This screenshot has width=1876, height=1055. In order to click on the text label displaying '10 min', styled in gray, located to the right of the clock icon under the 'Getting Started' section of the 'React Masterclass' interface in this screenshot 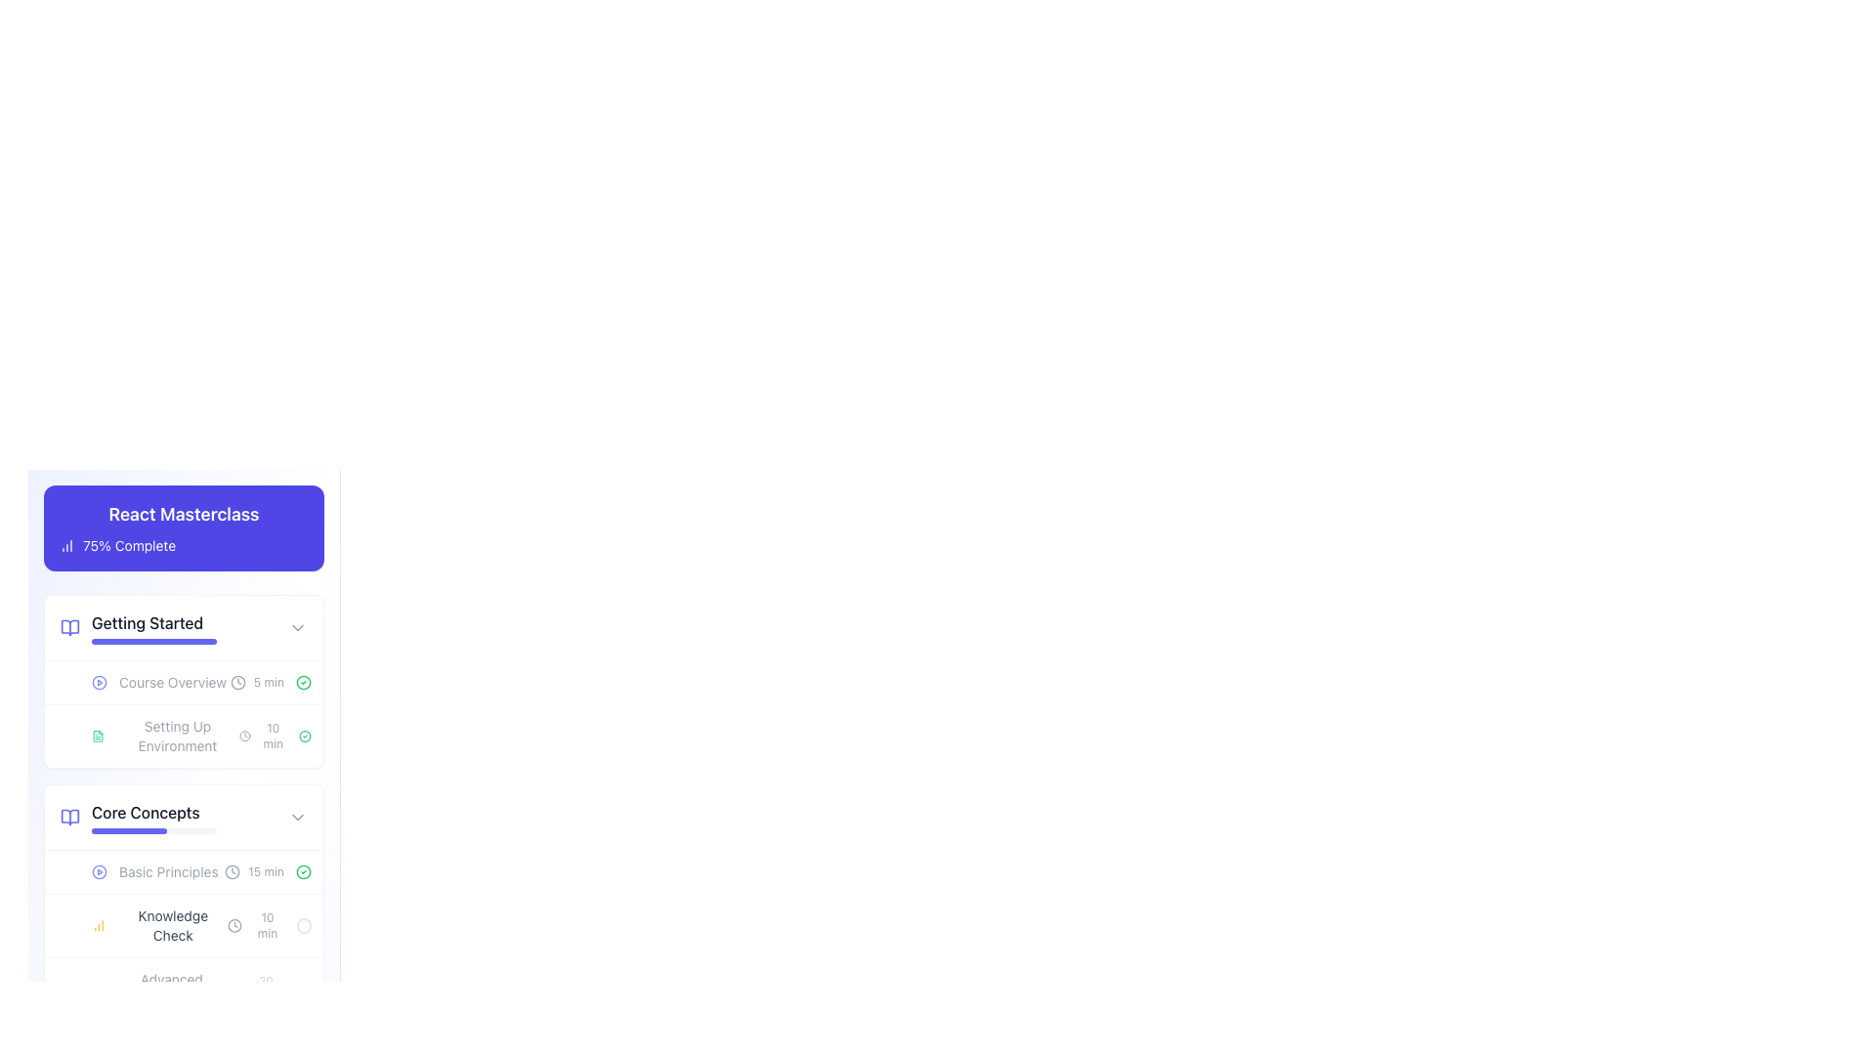, I will do `click(262, 736)`.